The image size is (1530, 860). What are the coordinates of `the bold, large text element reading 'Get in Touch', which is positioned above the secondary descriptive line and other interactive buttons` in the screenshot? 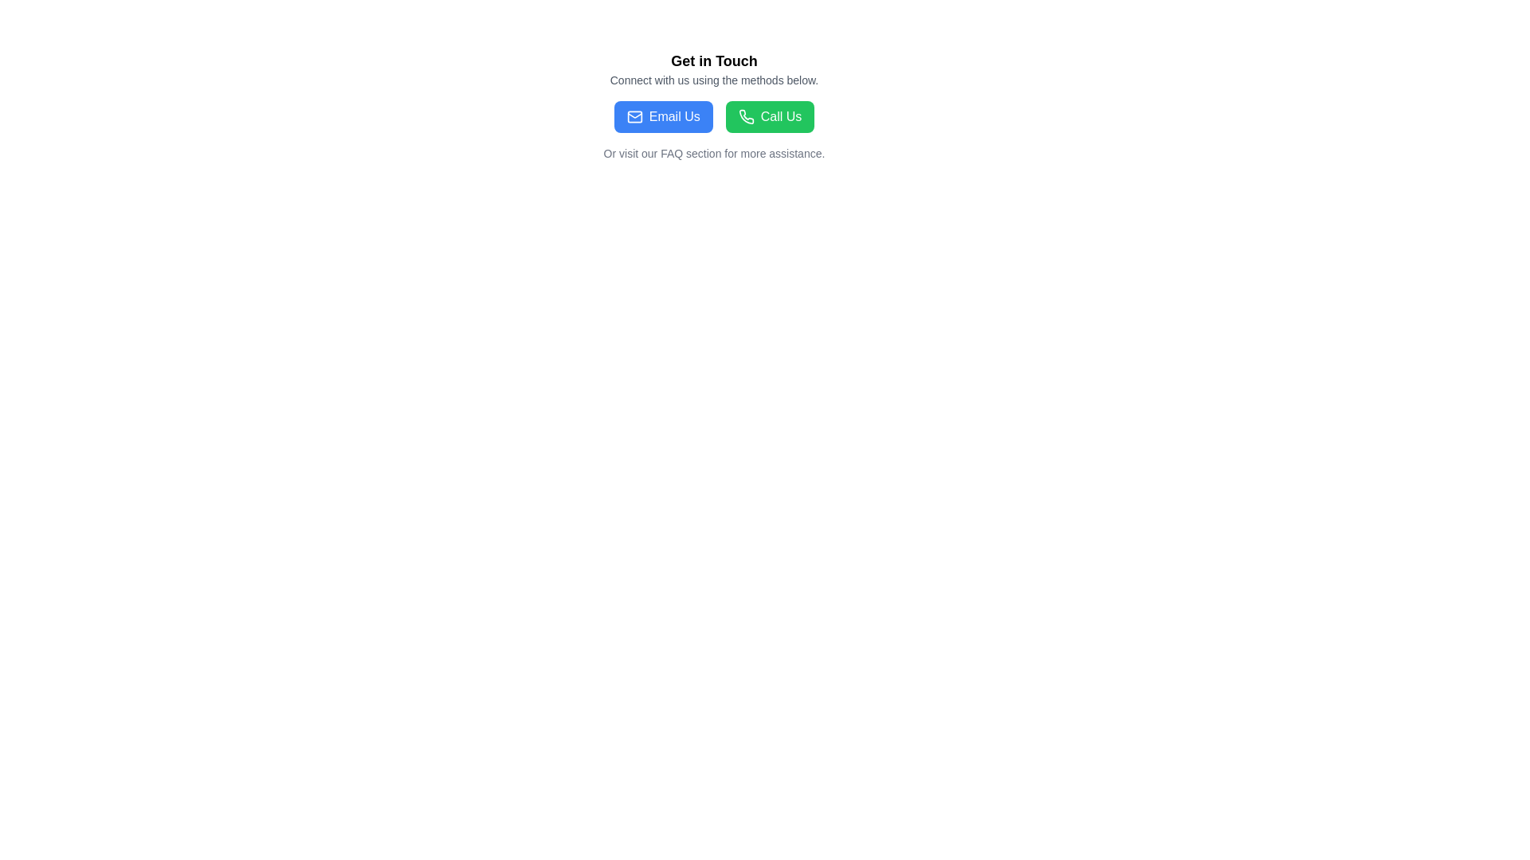 It's located at (713, 61).